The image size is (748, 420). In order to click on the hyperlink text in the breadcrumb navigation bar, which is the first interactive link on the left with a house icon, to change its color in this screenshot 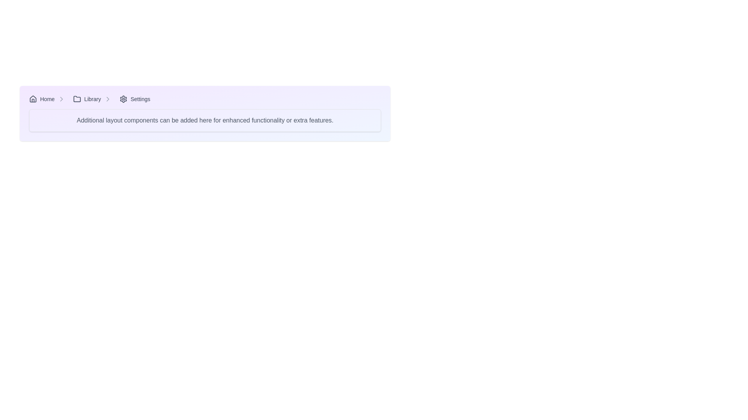, I will do `click(41, 98)`.